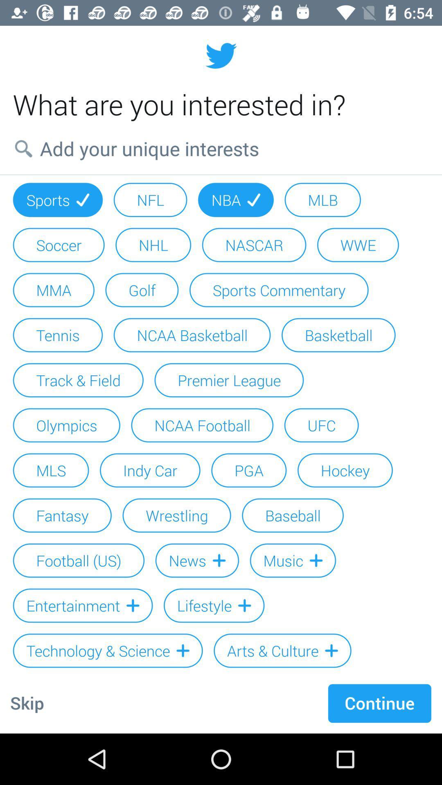 This screenshot has width=442, height=785. What do you see at coordinates (66, 425) in the screenshot?
I see `olympics` at bounding box center [66, 425].